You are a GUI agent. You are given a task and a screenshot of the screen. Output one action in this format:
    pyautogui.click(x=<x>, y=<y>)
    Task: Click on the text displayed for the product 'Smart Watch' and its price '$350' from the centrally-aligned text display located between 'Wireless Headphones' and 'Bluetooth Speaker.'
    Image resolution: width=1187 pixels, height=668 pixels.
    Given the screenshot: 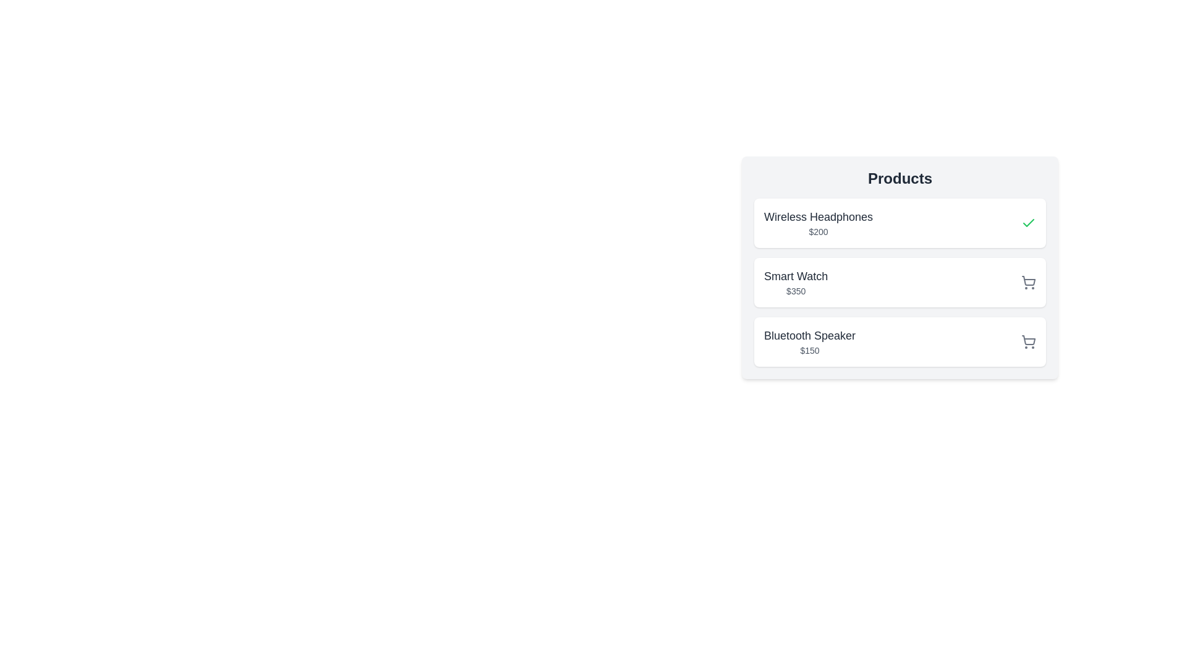 What is the action you would take?
    pyautogui.click(x=796, y=282)
    